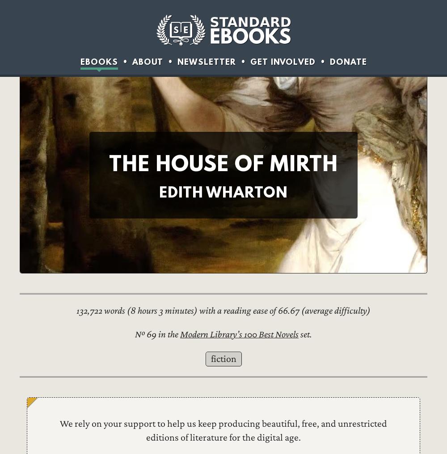  Describe the element at coordinates (132, 61) in the screenshot. I see `'About'` at that location.